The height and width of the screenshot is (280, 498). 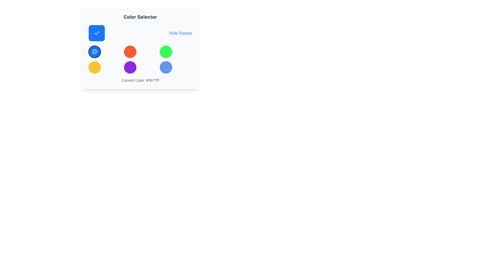 I want to click on the checkmark icon located centrally within the blue square button in the 'Color Selector' panel to indicate selection or confirmation, so click(x=97, y=33).